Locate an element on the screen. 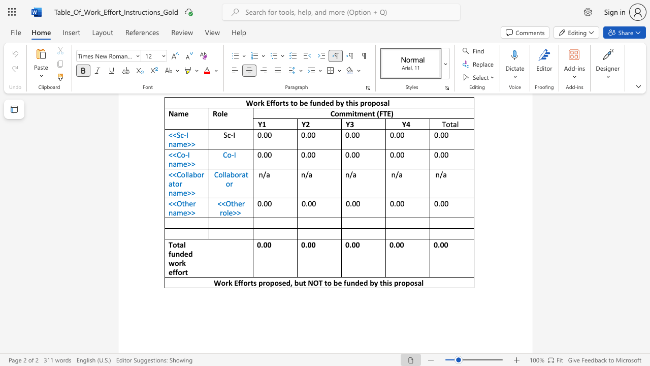 Image resolution: width=650 pixels, height=366 pixels. the subset text "d, but NOT to be funded by th" within the text "Work Efforts proposed, but NOT to be funded by this proposal" is located at coordinates (285, 283).